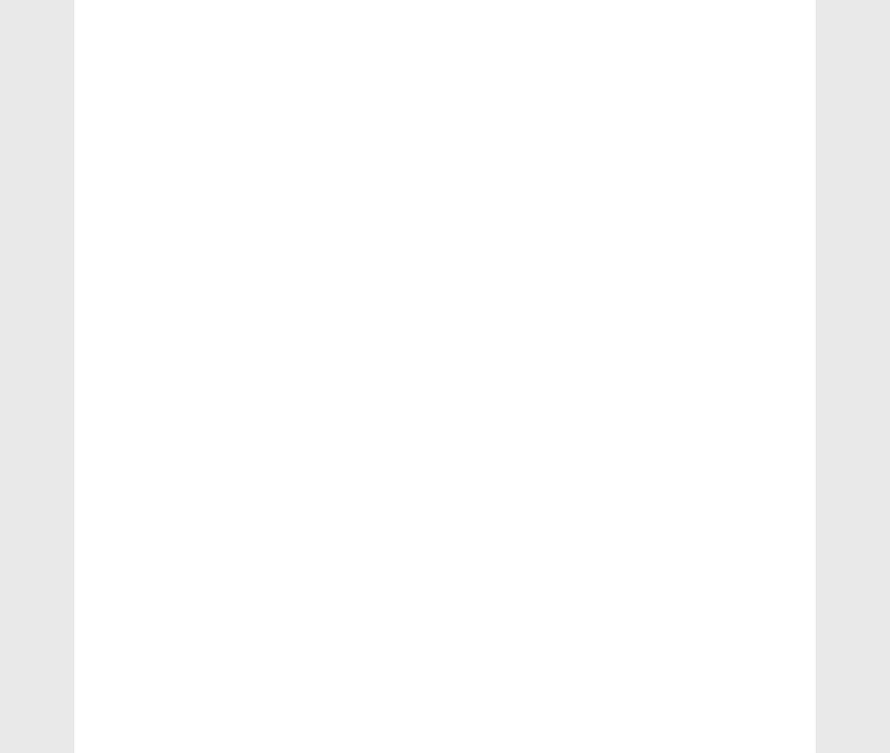  I want to click on 'HDFC', so click(130, 708).